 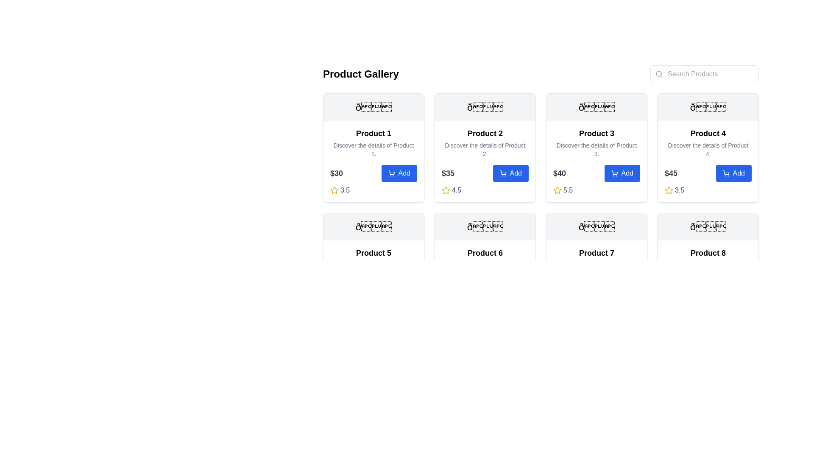 What do you see at coordinates (445, 190) in the screenshot?
I see `the star icon that displays the rating for Product 2, located in the second column of the first row within the product gallery grid` at bounding box center [445, 190].